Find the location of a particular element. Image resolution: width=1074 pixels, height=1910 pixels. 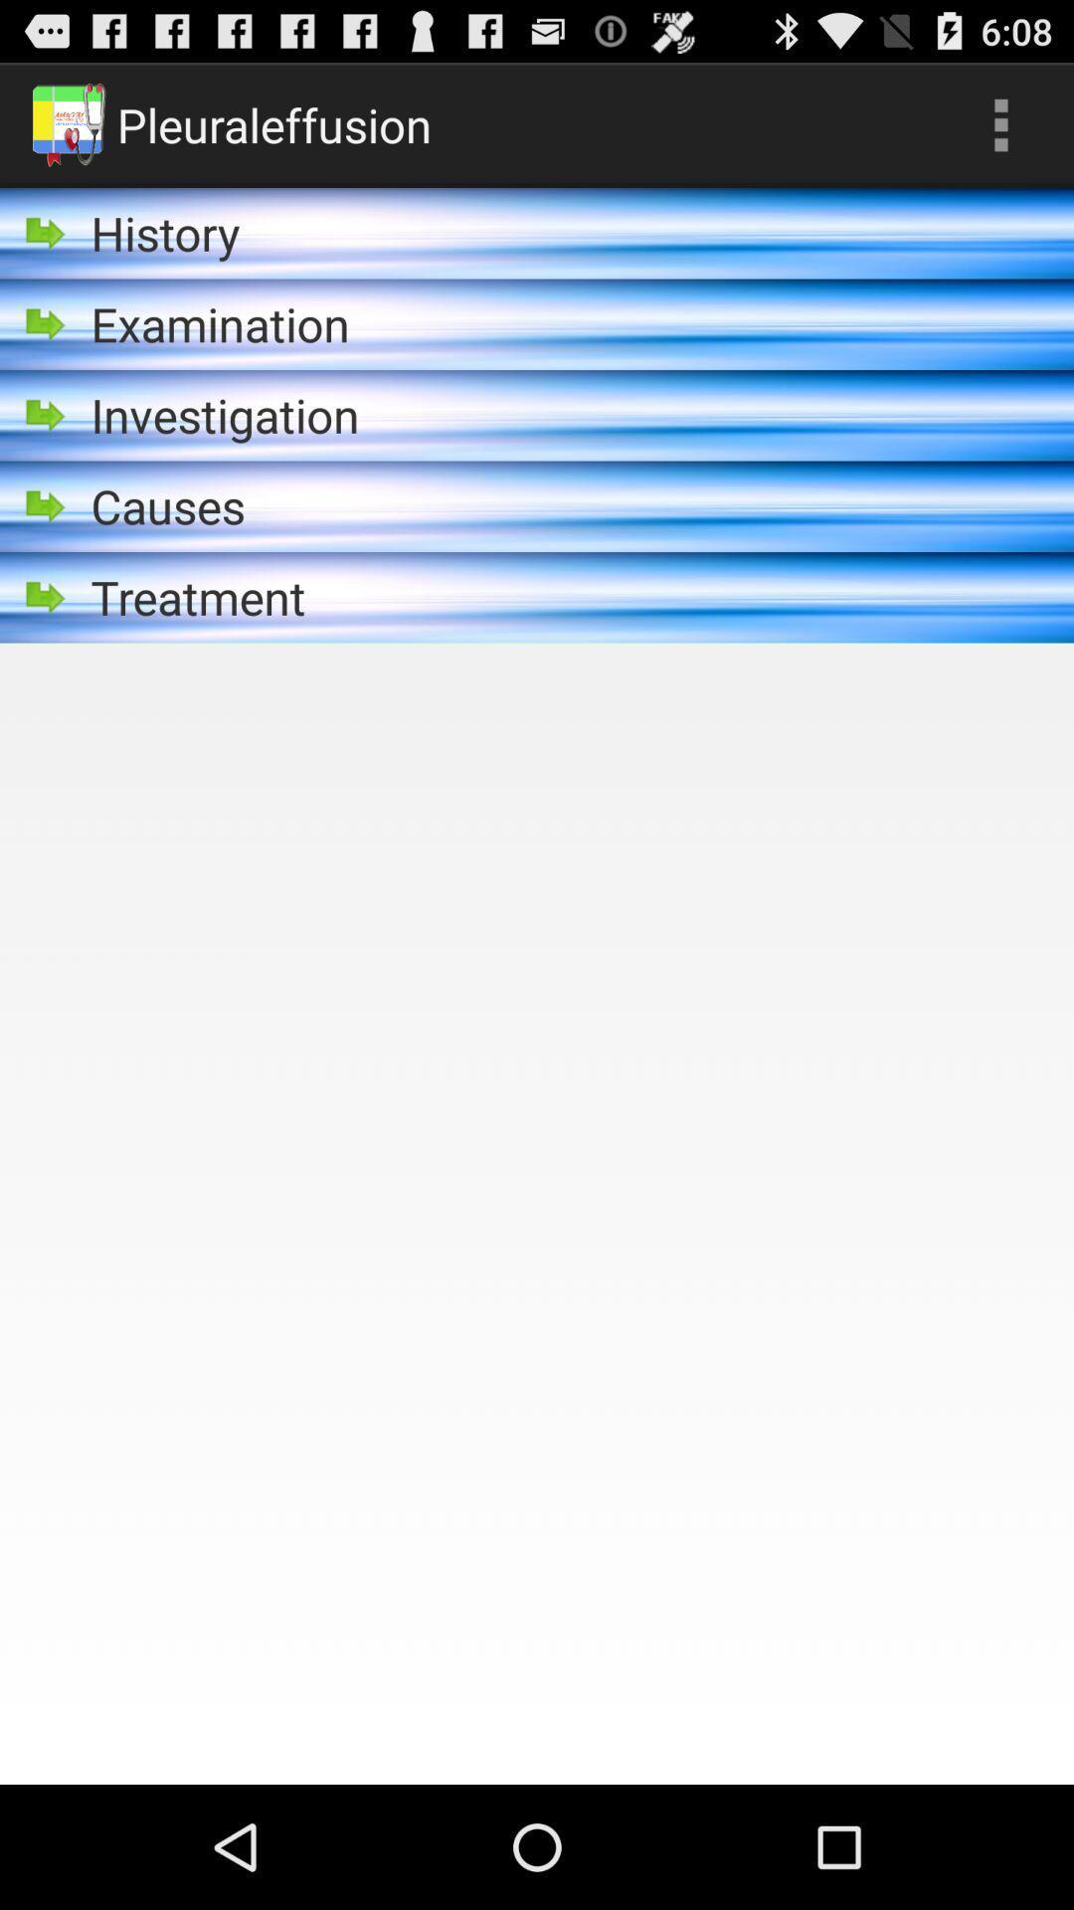

goto the icon beside of causes is located at coordinates (46, 505).